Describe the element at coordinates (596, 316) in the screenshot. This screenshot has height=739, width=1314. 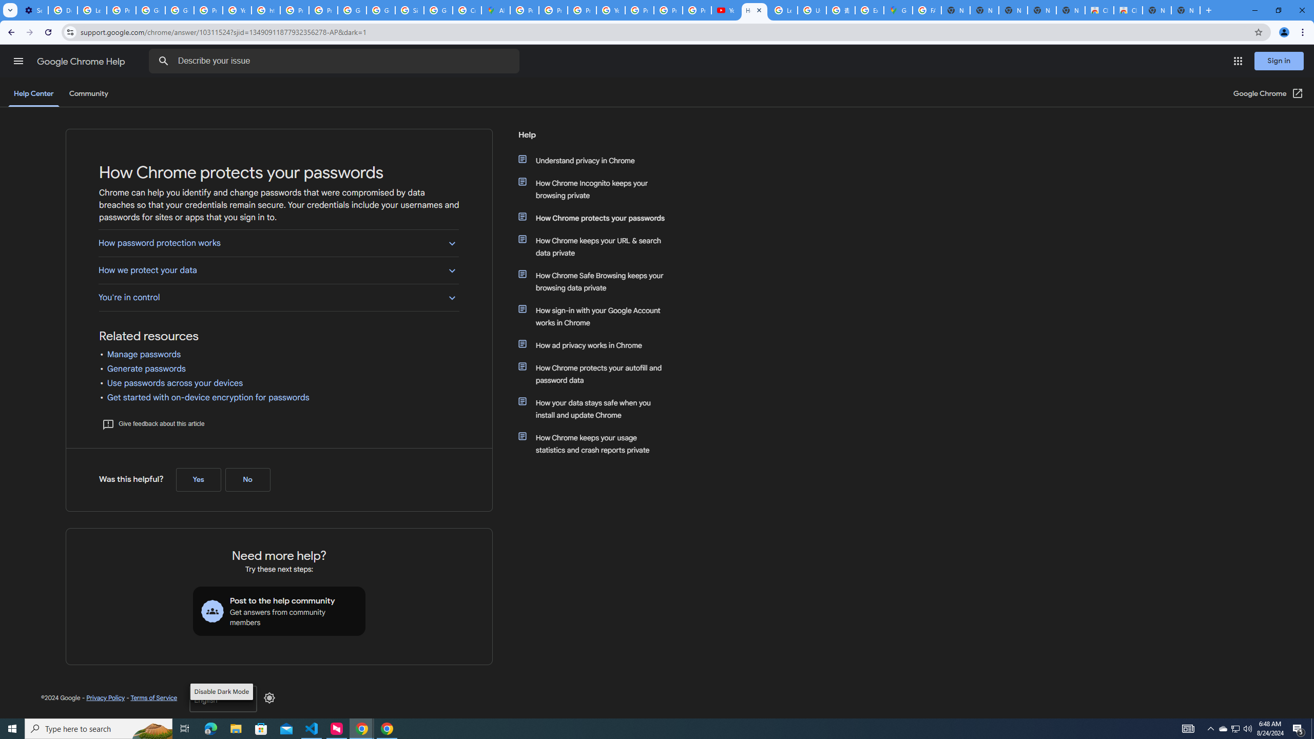
I see `'How sign-in with your Google Account works in Chrome'` at that location.